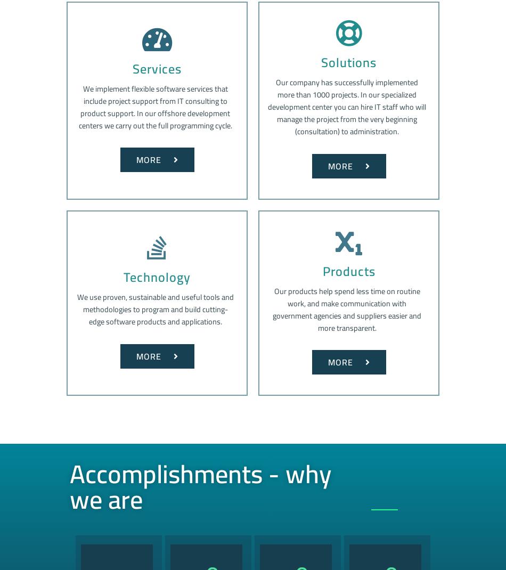  Describe the element at coordinates (154, 308) in the screenshot. I see `'We use proven, sustainable and useful tools and methodologies to program and build cutting-edge software products and applications.'` at that location.